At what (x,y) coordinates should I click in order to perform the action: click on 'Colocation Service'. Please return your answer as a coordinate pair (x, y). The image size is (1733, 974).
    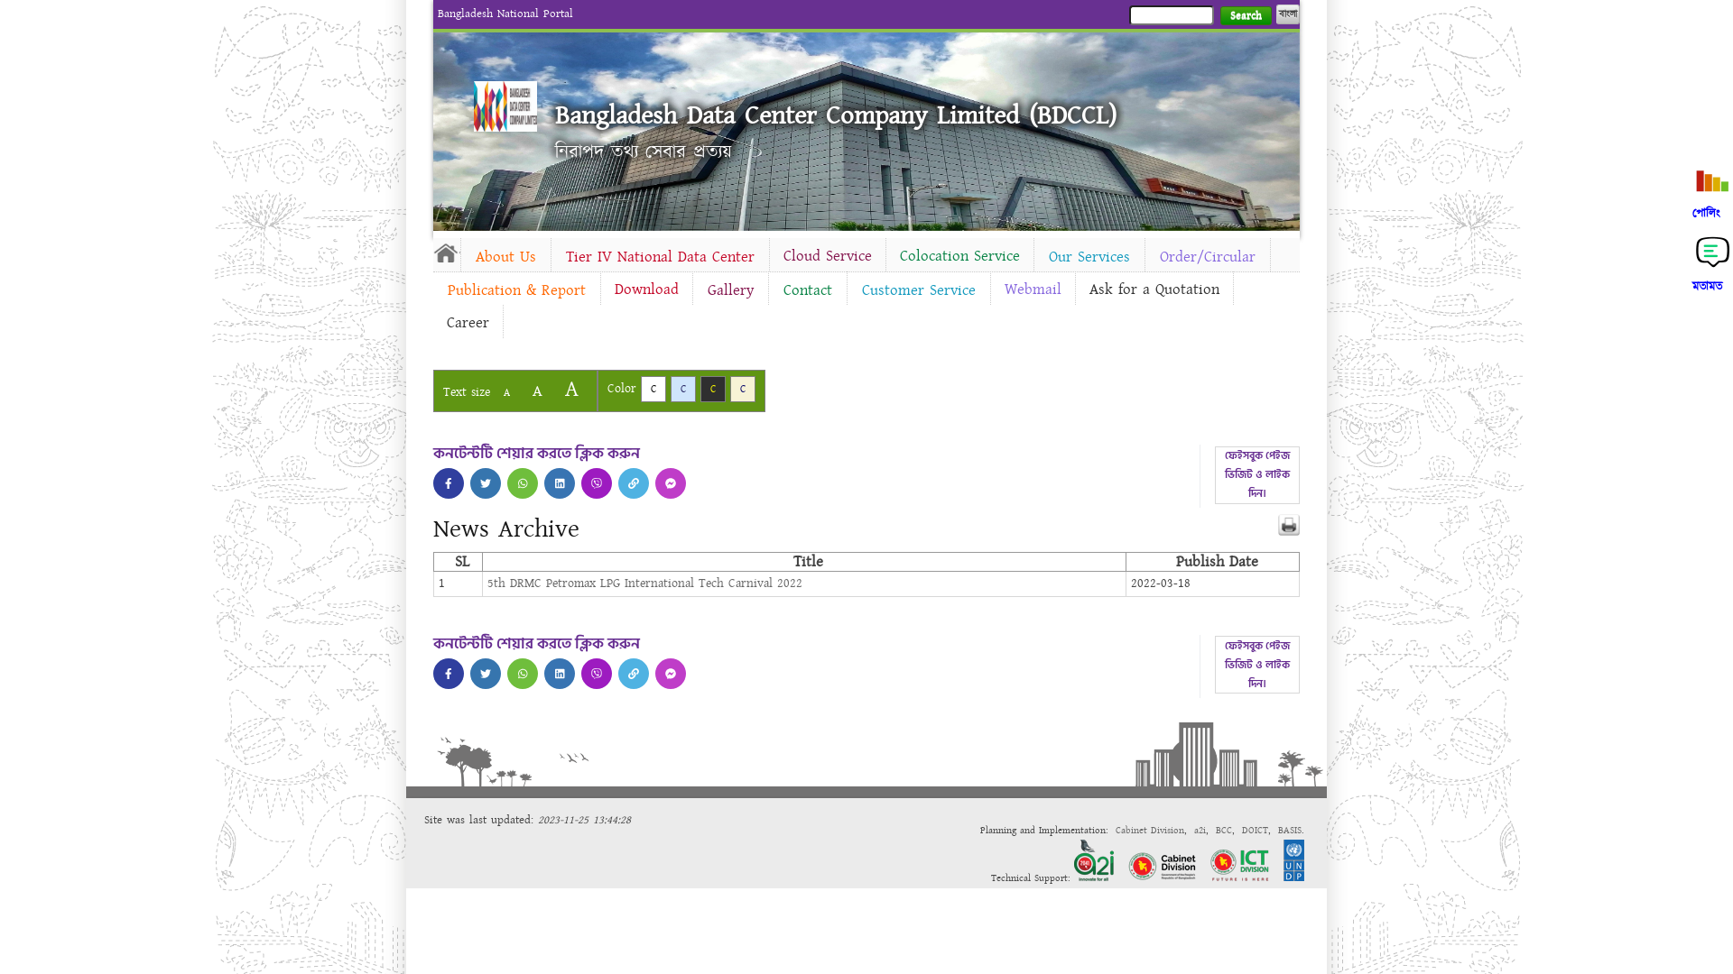
    Looking at the image, I should click on (886, 256).